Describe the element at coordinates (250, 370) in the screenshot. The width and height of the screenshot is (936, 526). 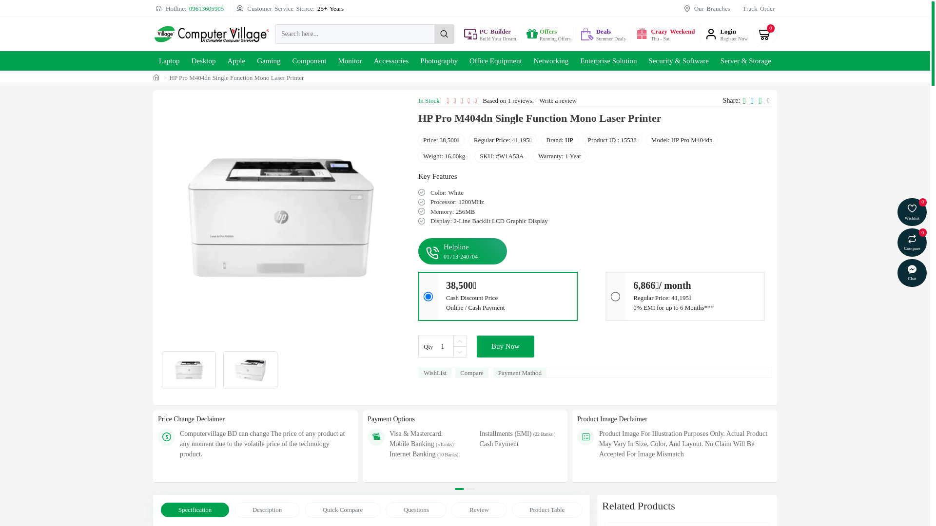
I see `'HP Pro M404dn Single Function Mono Laser Printer'` at that location.